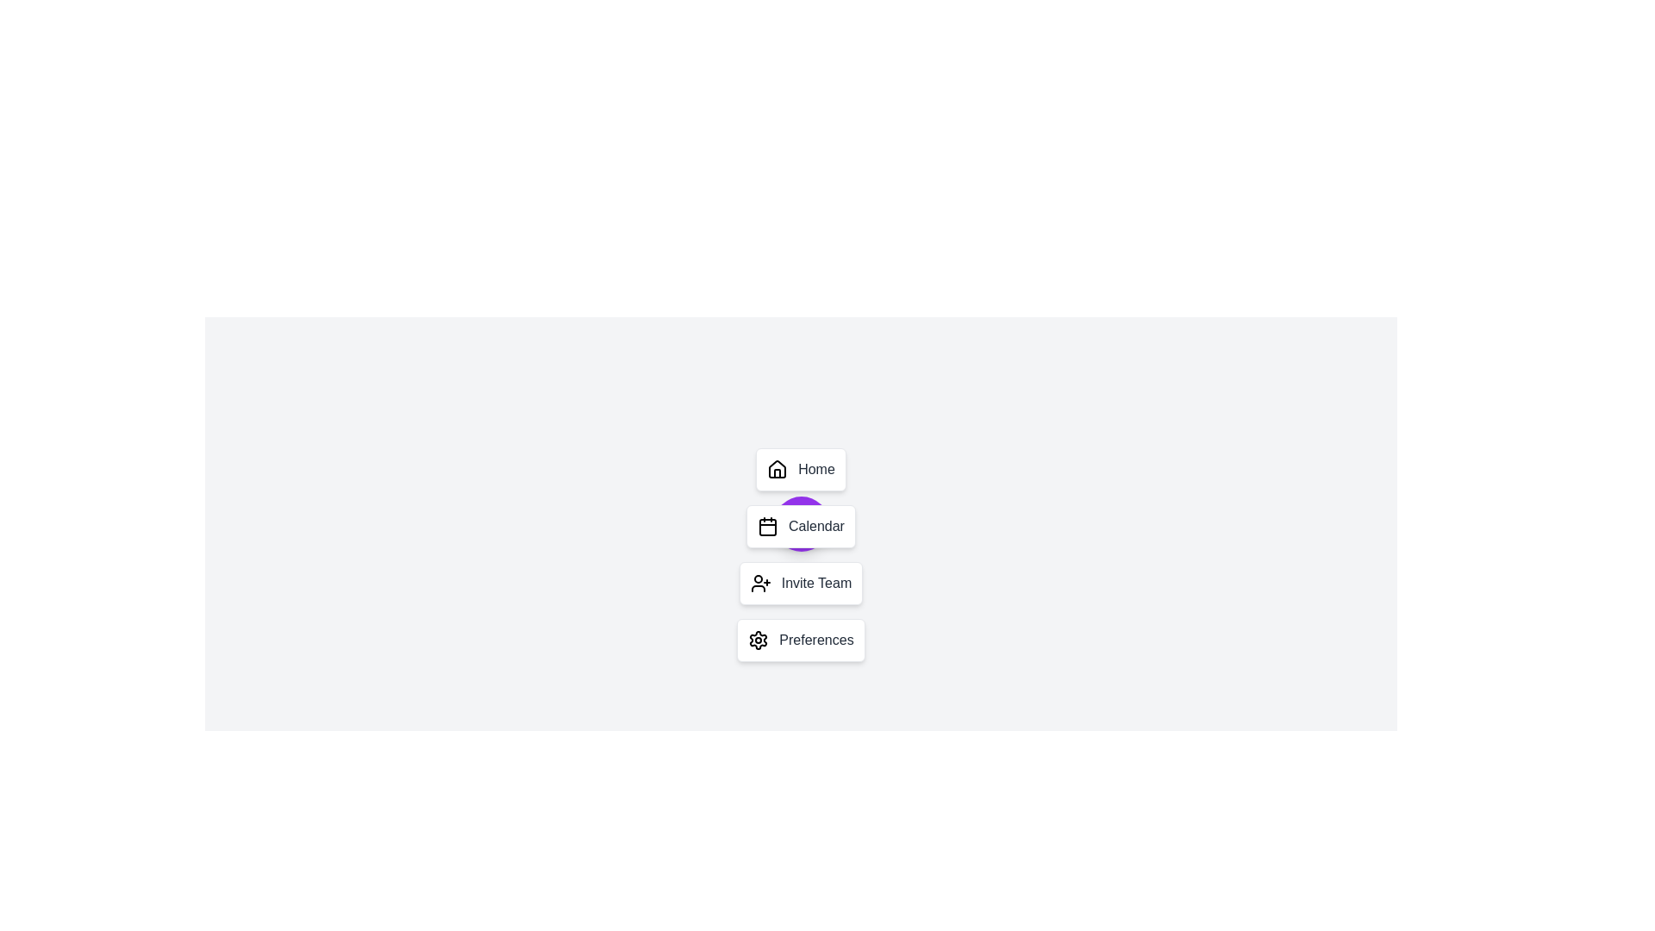  Describe the element at coordinates (759, 583) in the screenshot. I see `the icon for inviting team members located on the left side of the 'Invite Team' card, which is the third card in a vertical list of menu items` at that location.